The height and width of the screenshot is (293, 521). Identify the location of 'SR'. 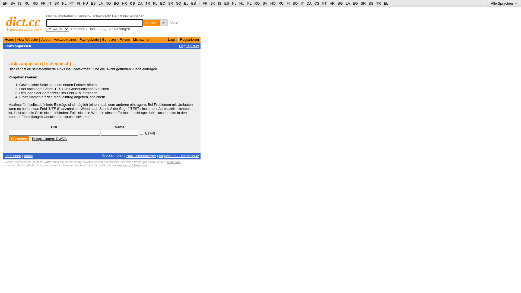
(170, 3).